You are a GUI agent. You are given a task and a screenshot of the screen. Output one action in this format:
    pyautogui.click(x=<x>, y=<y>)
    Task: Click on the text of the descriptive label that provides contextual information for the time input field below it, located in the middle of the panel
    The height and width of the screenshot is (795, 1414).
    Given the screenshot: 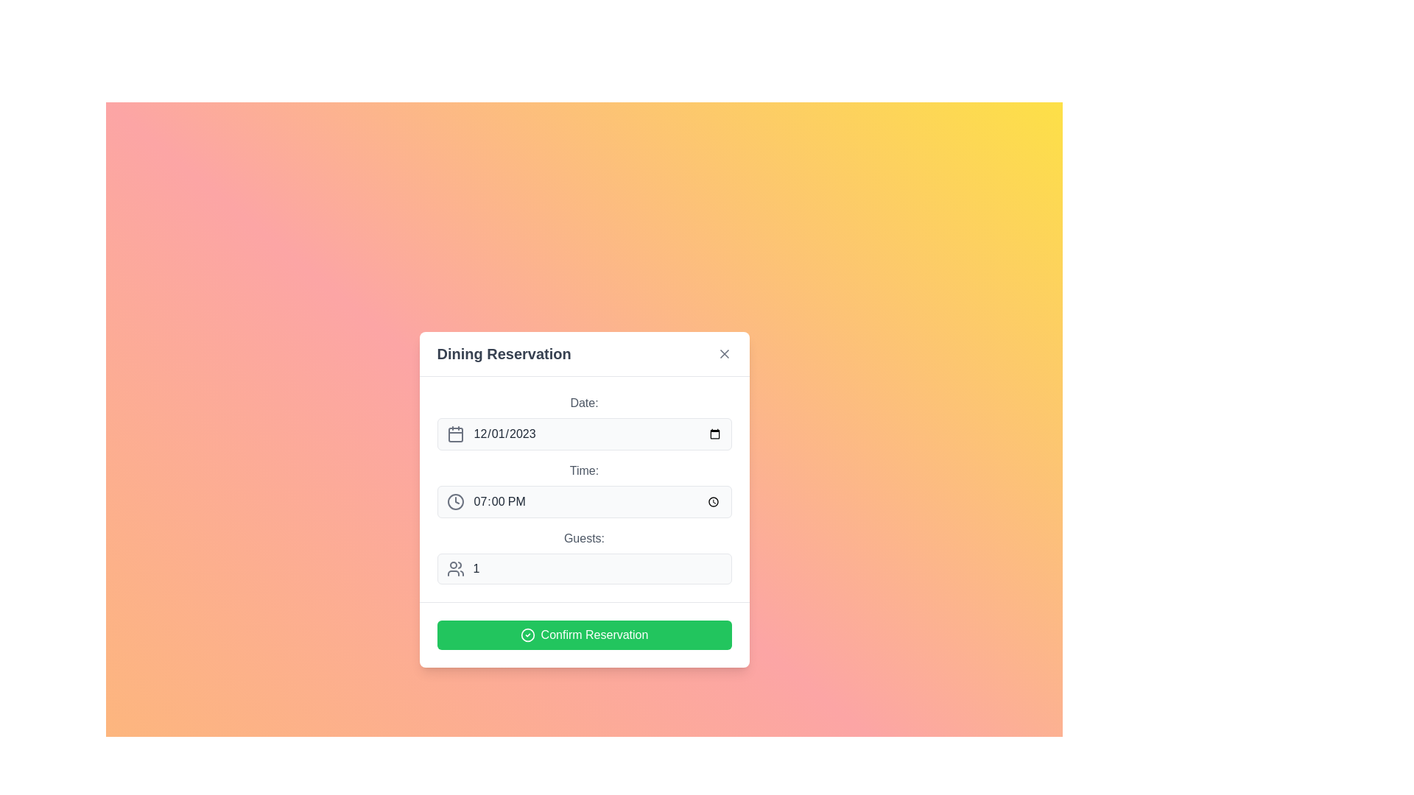 What is the action you would take?
    pyautogui.click(x=583, y=471)
    